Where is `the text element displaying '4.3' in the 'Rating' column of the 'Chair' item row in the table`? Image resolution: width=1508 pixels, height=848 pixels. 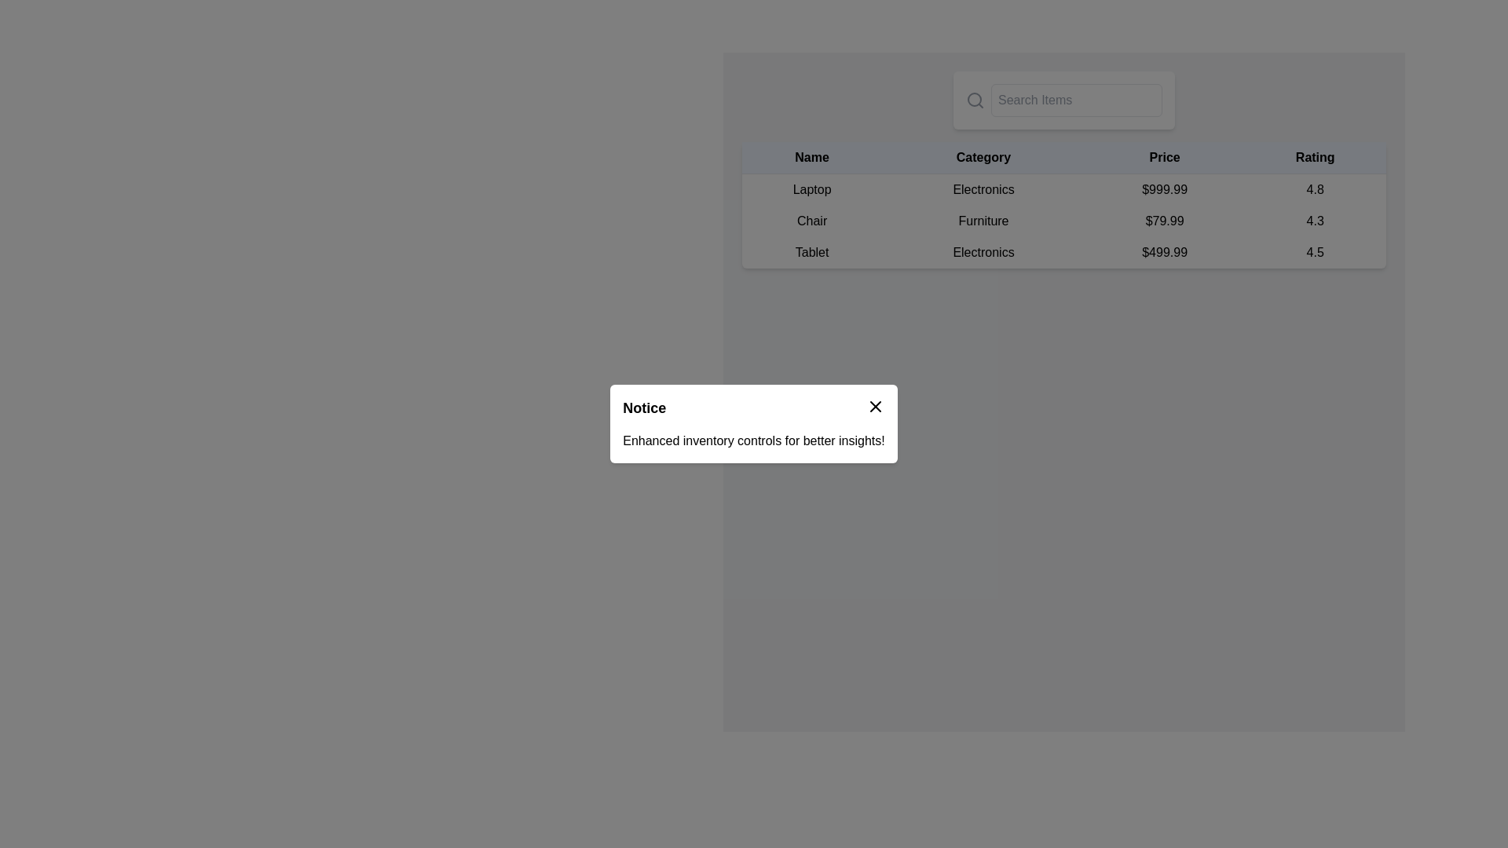 the text element displaying '4.3' in the 'Rating' column of the 'Chair' item row in the table is located at coordinates (1315, 221).